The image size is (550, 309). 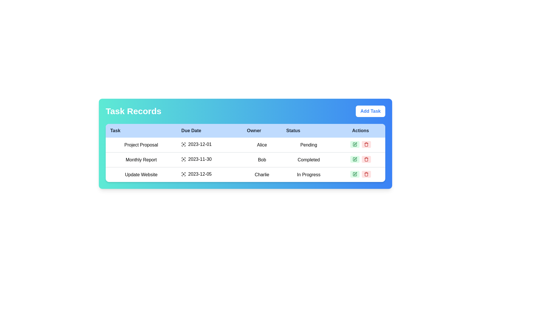 What do you see at coordinates (354, 159) in the screenshot?
I see `the 'Edit' button in the Actions column for the task 'Monthly Report' associated with 'Bob'` at bounding box center [354, 159].